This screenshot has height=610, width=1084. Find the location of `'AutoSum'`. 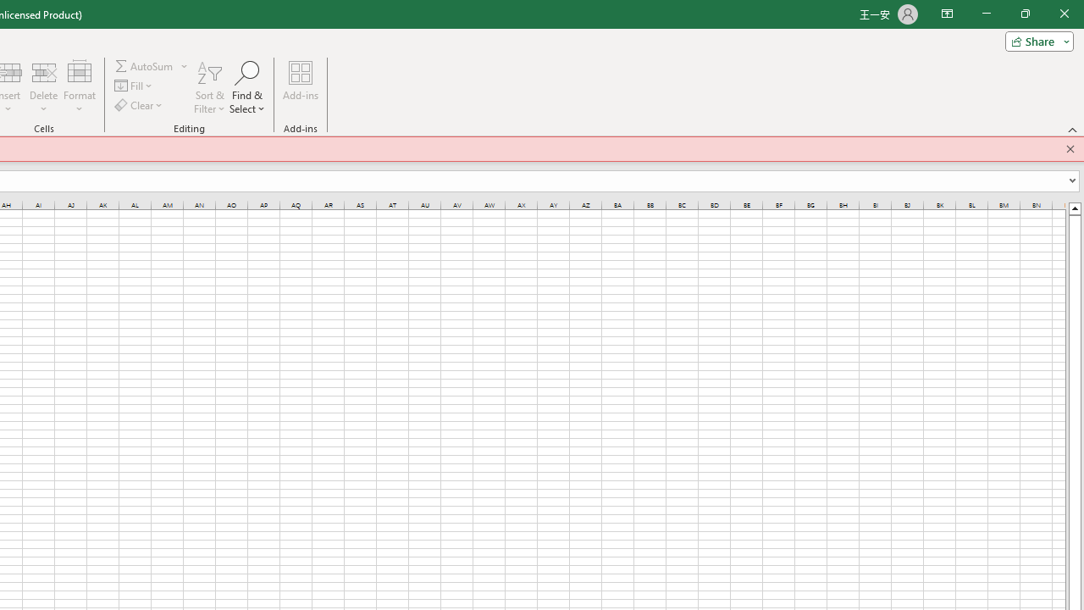

'AutoSum' is located at coordinates (152, 65).